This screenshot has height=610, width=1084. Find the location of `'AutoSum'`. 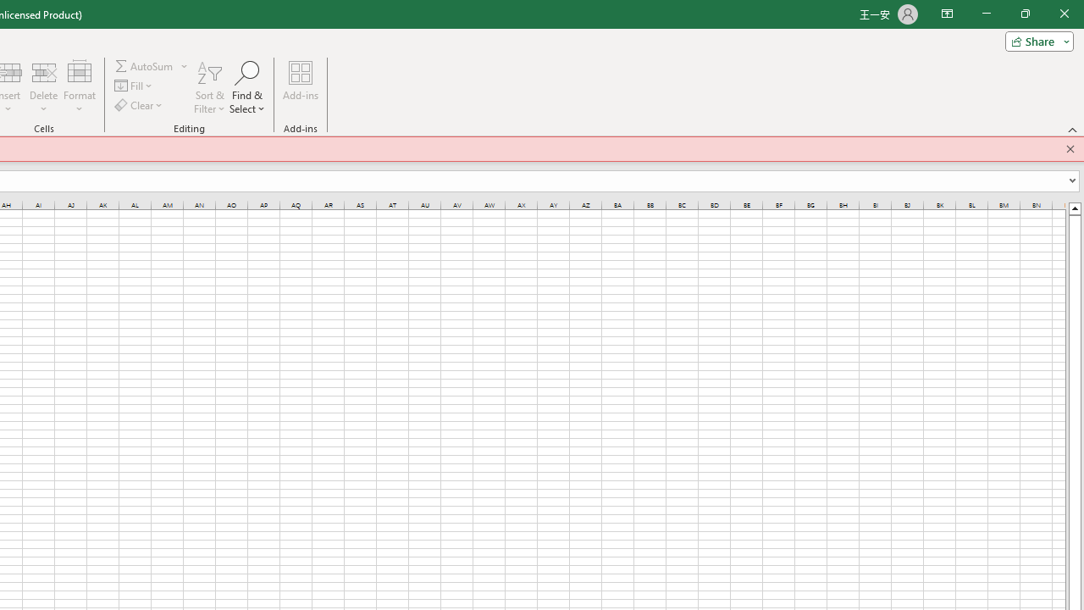

'AutoSum' is located at coordinates (152, 65).